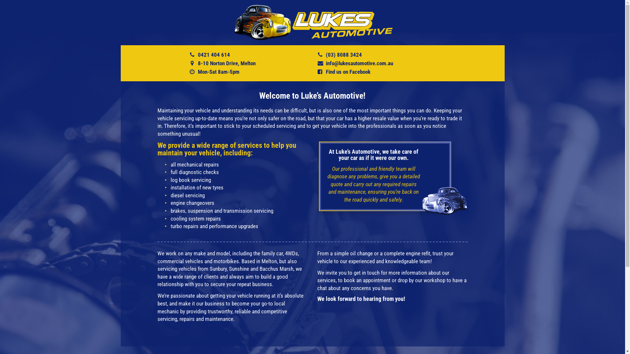  Describe the element at coordinates (343, 54) in the screenshot. I see `'(03) 8088 3424'` at that location.